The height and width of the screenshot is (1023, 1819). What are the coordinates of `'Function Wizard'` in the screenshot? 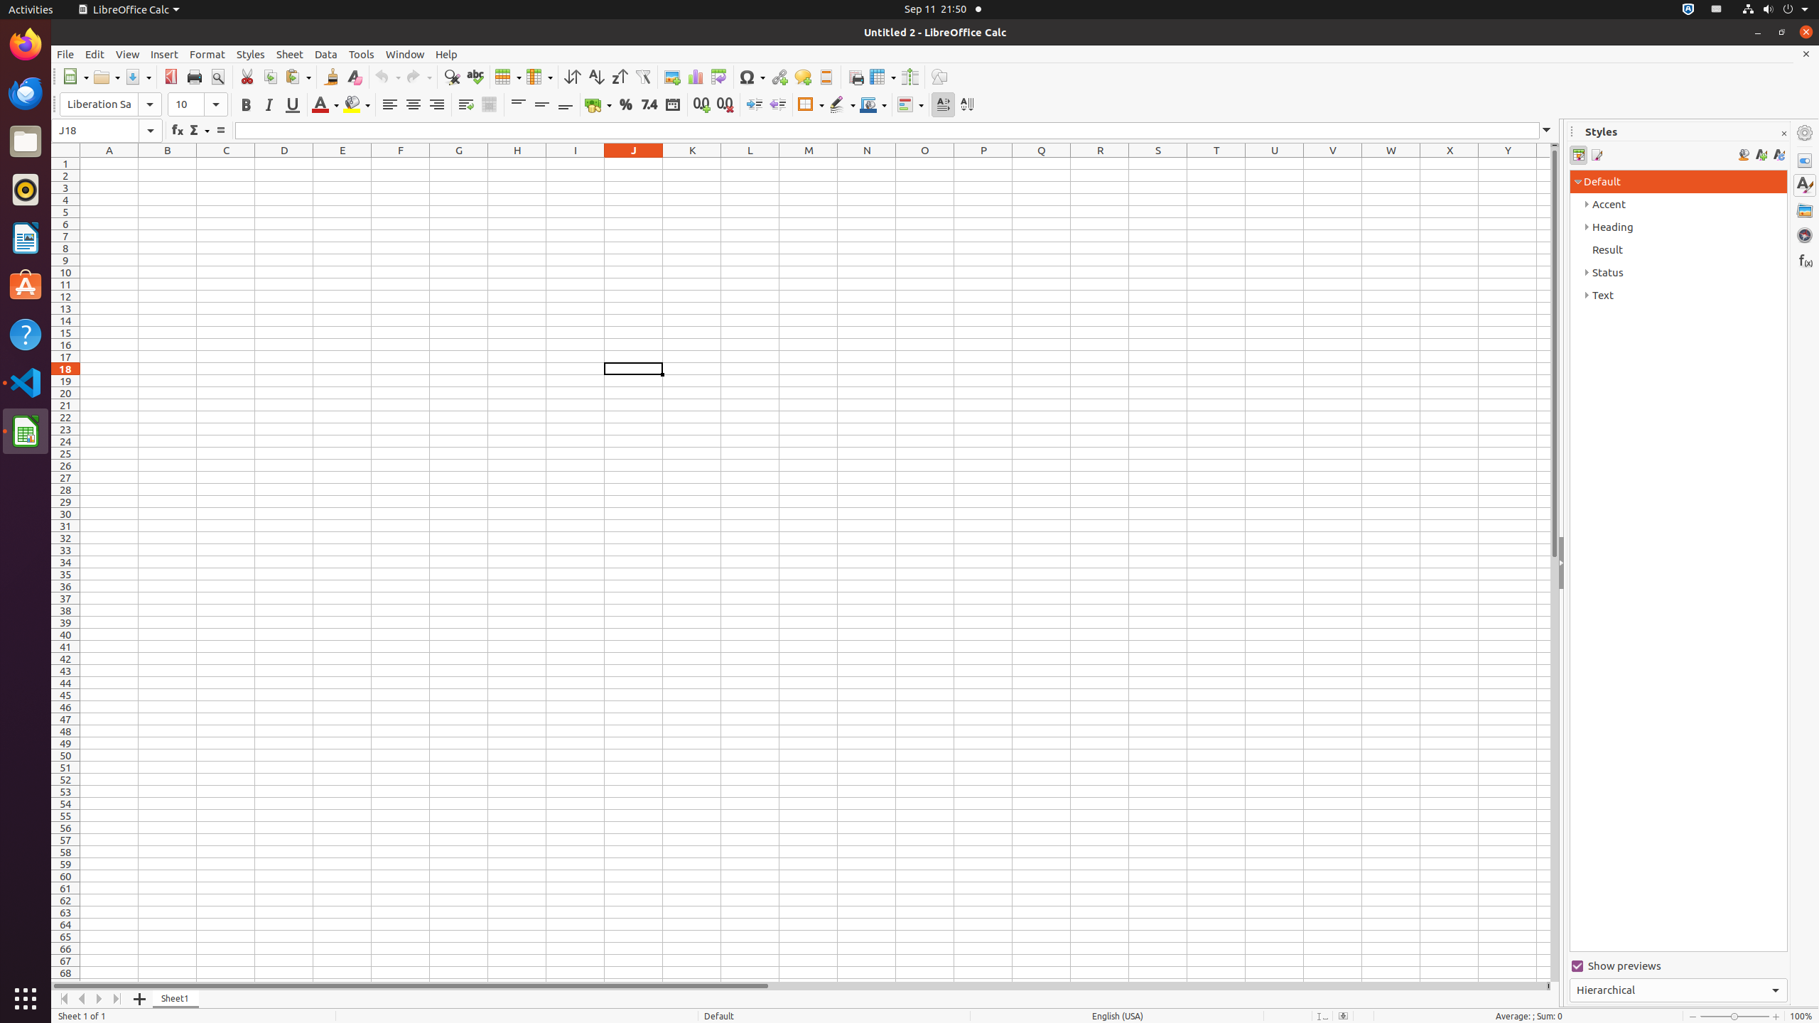 It's located at (176, 130).